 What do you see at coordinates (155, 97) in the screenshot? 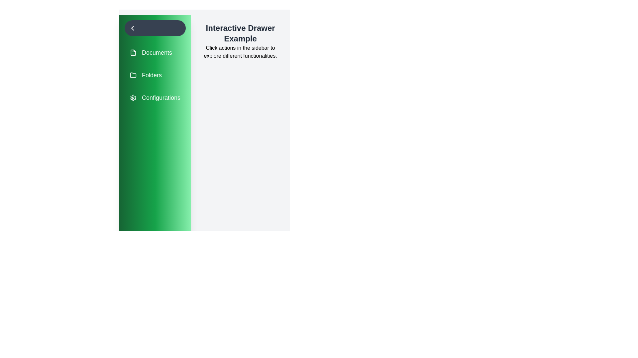
I see `the menu item Configurations to navigate to the corresponding section` at bounding box center [155, 97].